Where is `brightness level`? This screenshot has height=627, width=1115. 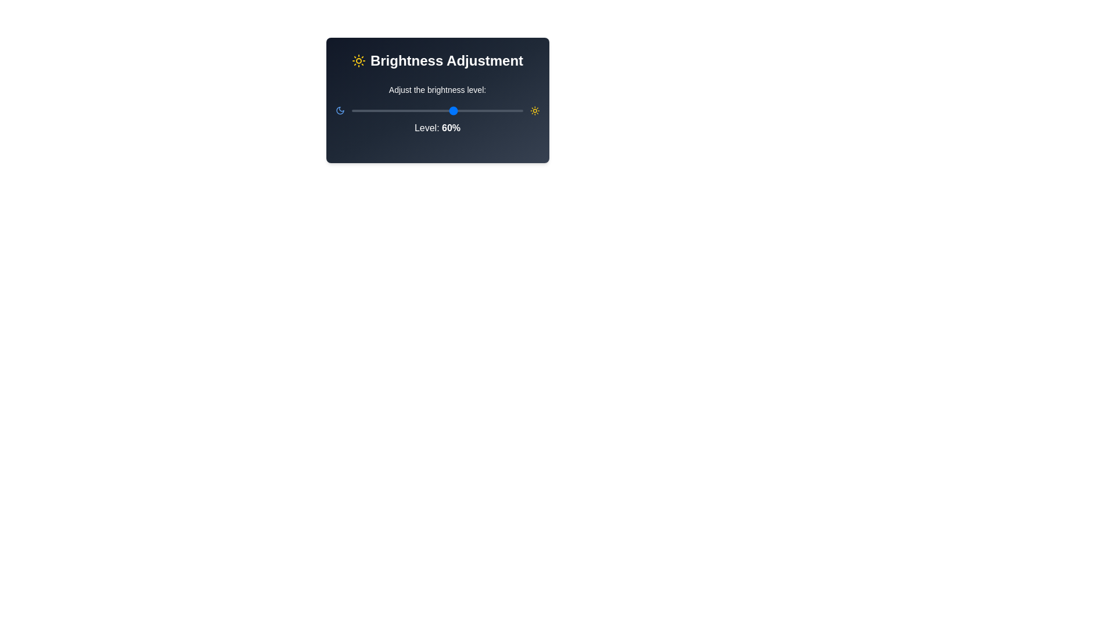 brightness level is located at coordinates (452, 111).